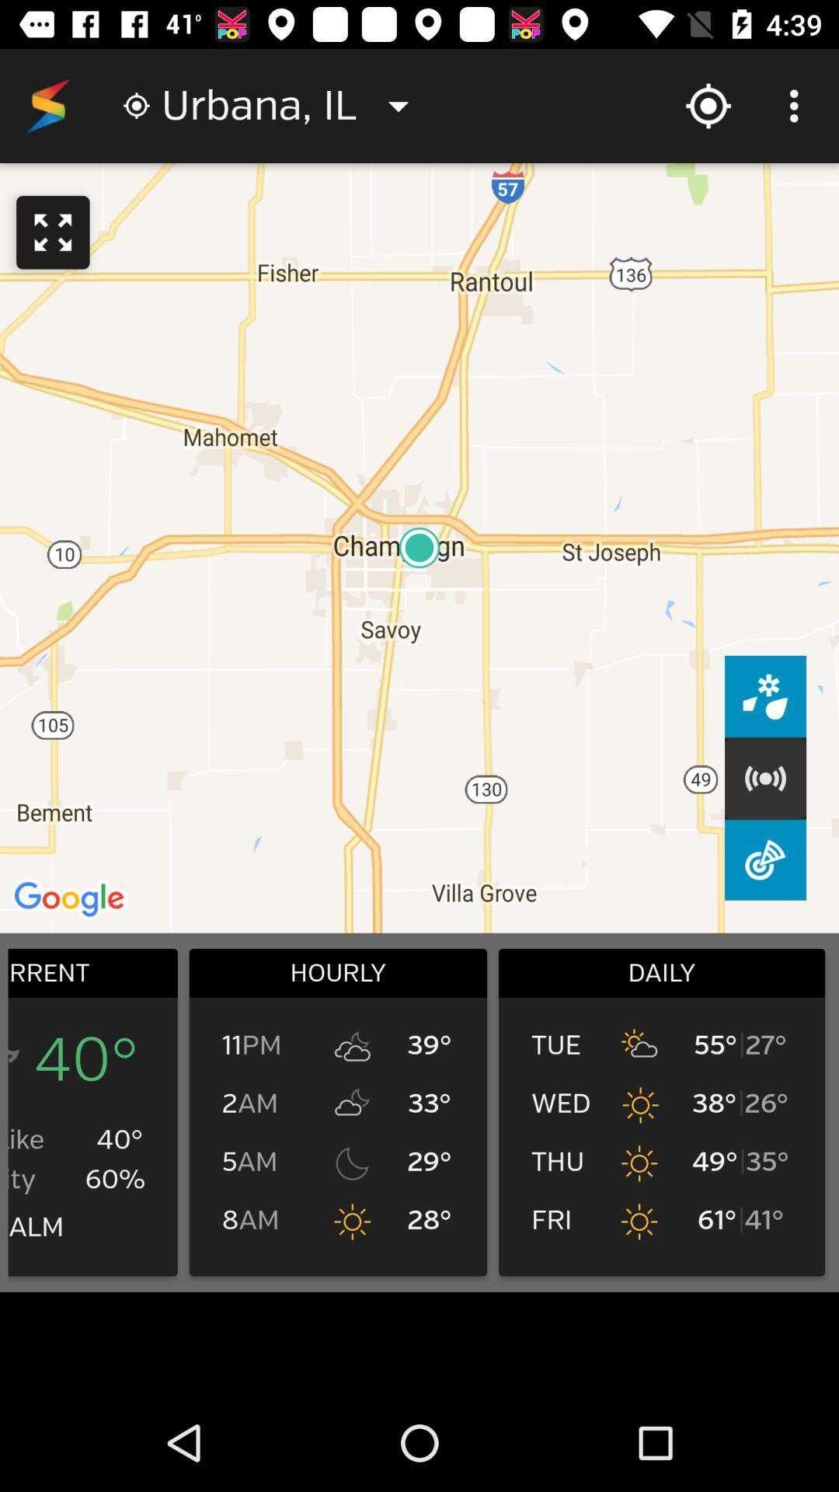 This screenshot has width=839, height=1492. What do you see at coordinates (662, 1111) in the screenshot?
I see `list right to hourly box` at bounding box center [662, 1111].